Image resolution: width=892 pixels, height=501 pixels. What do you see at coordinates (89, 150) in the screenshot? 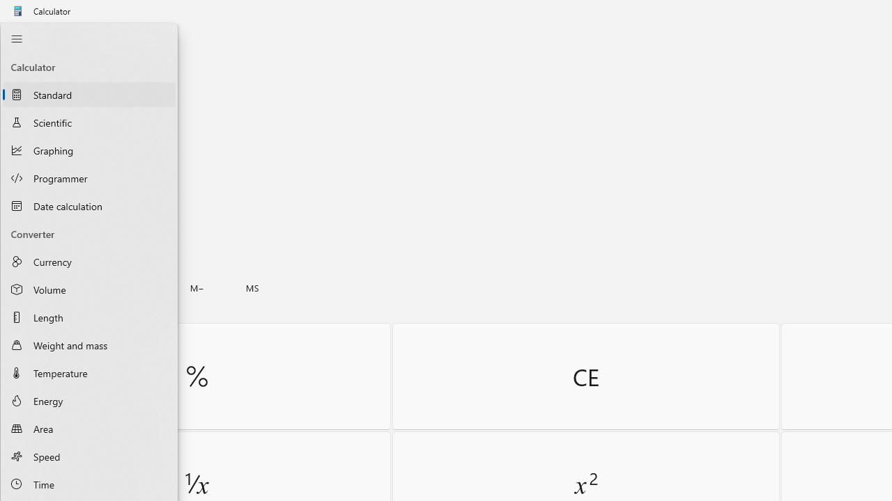
I see `'Graphing Calculator'` at bounding box center [89, 150].